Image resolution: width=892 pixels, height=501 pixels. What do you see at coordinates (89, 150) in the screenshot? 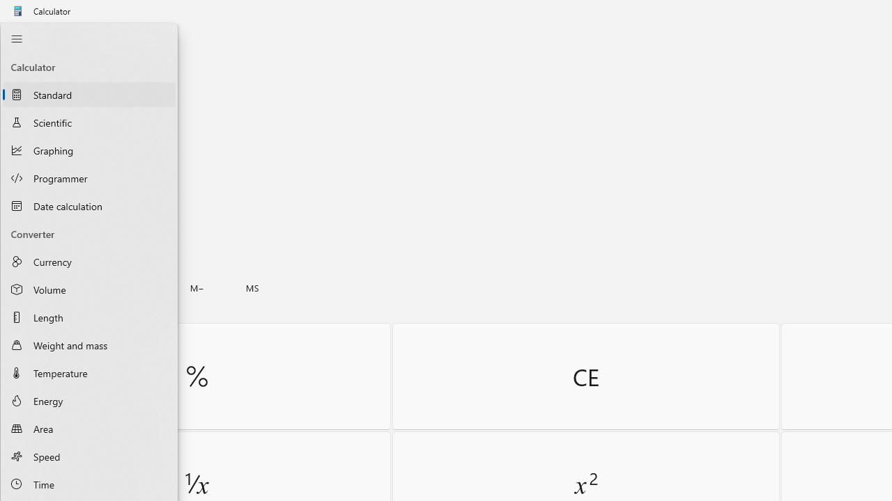
I see `'Graphing Calculator'` at bounding box center [89, 150].